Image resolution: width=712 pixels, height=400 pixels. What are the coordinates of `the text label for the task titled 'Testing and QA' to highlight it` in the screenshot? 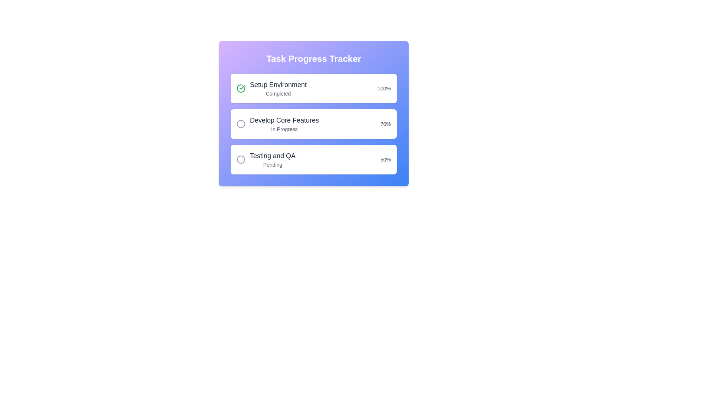 It's located at (272, 159).